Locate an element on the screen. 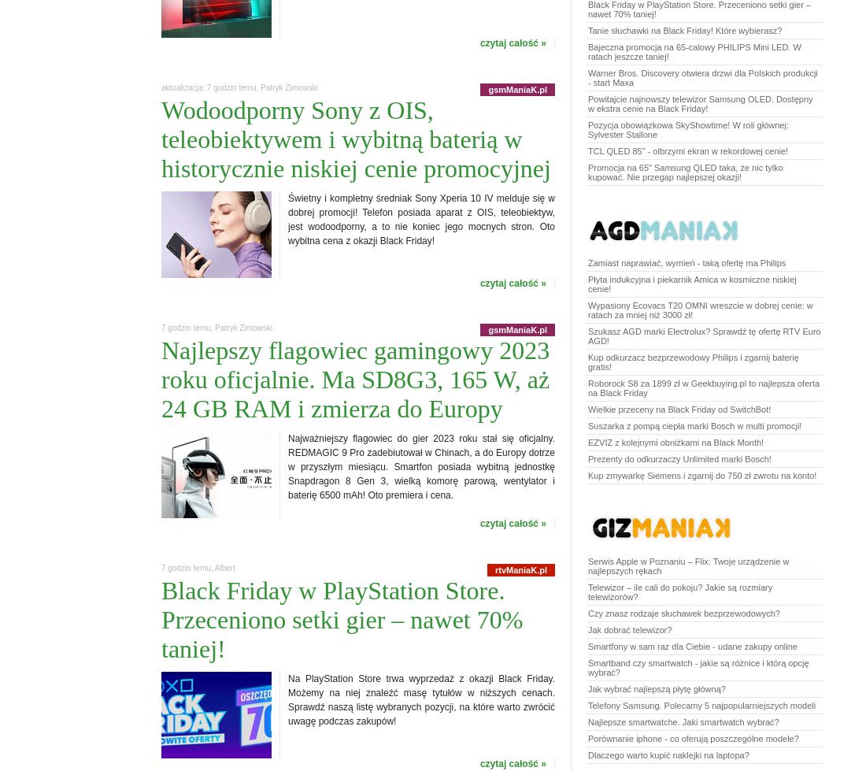 The height and width of the screenshot is (771, 866). 'Serwis Apple w Poznaniu – Flix: Twoje urządzenie w najlepszych rękach' is located at coordinates (587, 565).